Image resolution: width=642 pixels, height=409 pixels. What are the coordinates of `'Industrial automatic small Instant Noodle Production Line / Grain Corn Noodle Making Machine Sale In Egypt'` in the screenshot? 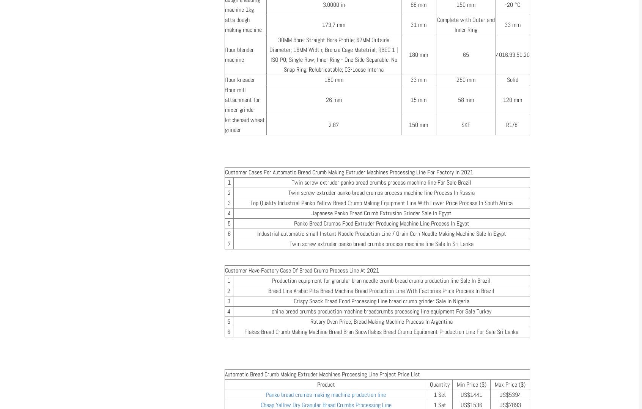 It's located at (256, 233).